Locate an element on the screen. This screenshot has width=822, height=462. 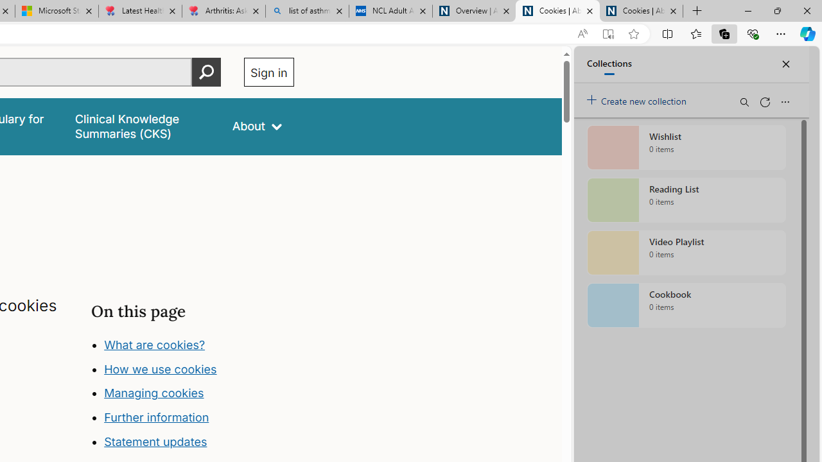
'NCL Adult Asthma Inhaler Choice Guideline' is located at coordinates (390, 11).